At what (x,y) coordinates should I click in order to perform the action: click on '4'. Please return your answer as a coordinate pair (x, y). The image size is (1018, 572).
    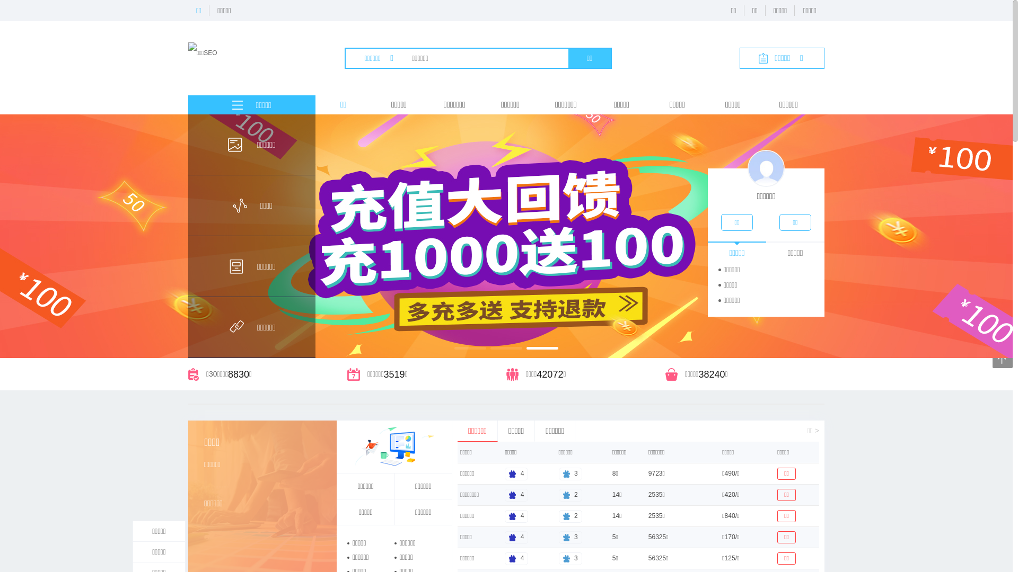
    Looking at the image, I should click on (516, 473).